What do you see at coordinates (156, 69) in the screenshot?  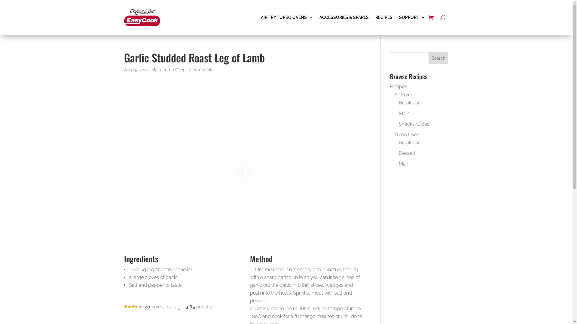 I see `'Main'` at bounding box center [156, 69].